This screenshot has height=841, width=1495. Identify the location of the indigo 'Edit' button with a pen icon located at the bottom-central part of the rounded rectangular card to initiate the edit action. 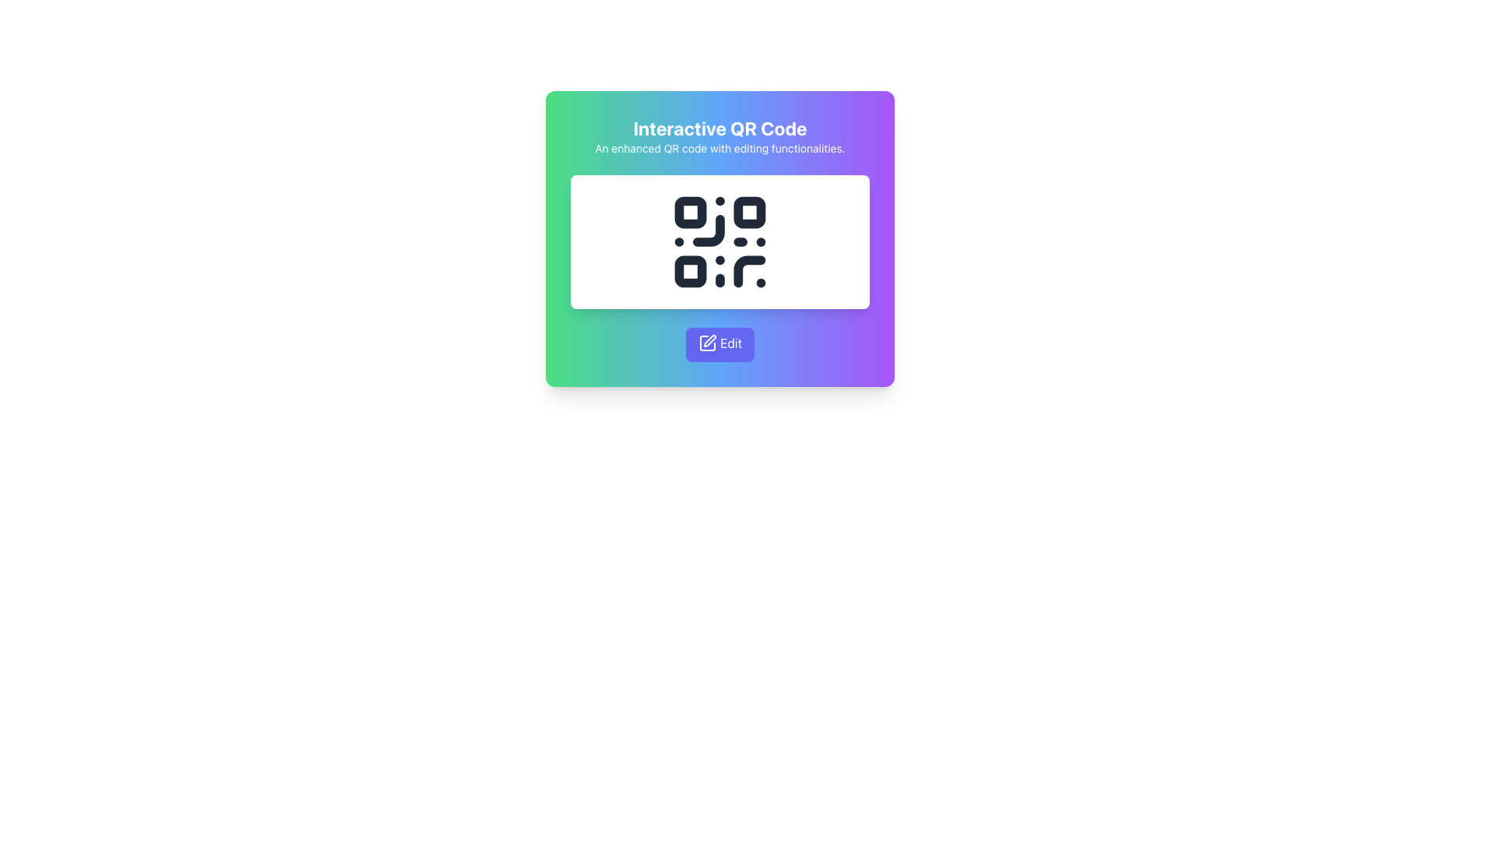
(719, 344).